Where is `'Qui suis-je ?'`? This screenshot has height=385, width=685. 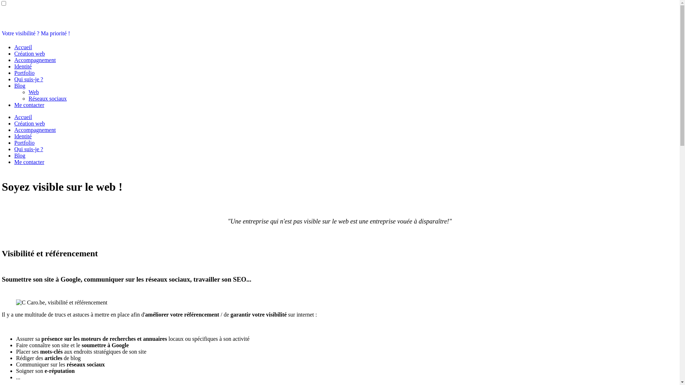 'Qui suis-je ?' is located at coordinates (14, 79).